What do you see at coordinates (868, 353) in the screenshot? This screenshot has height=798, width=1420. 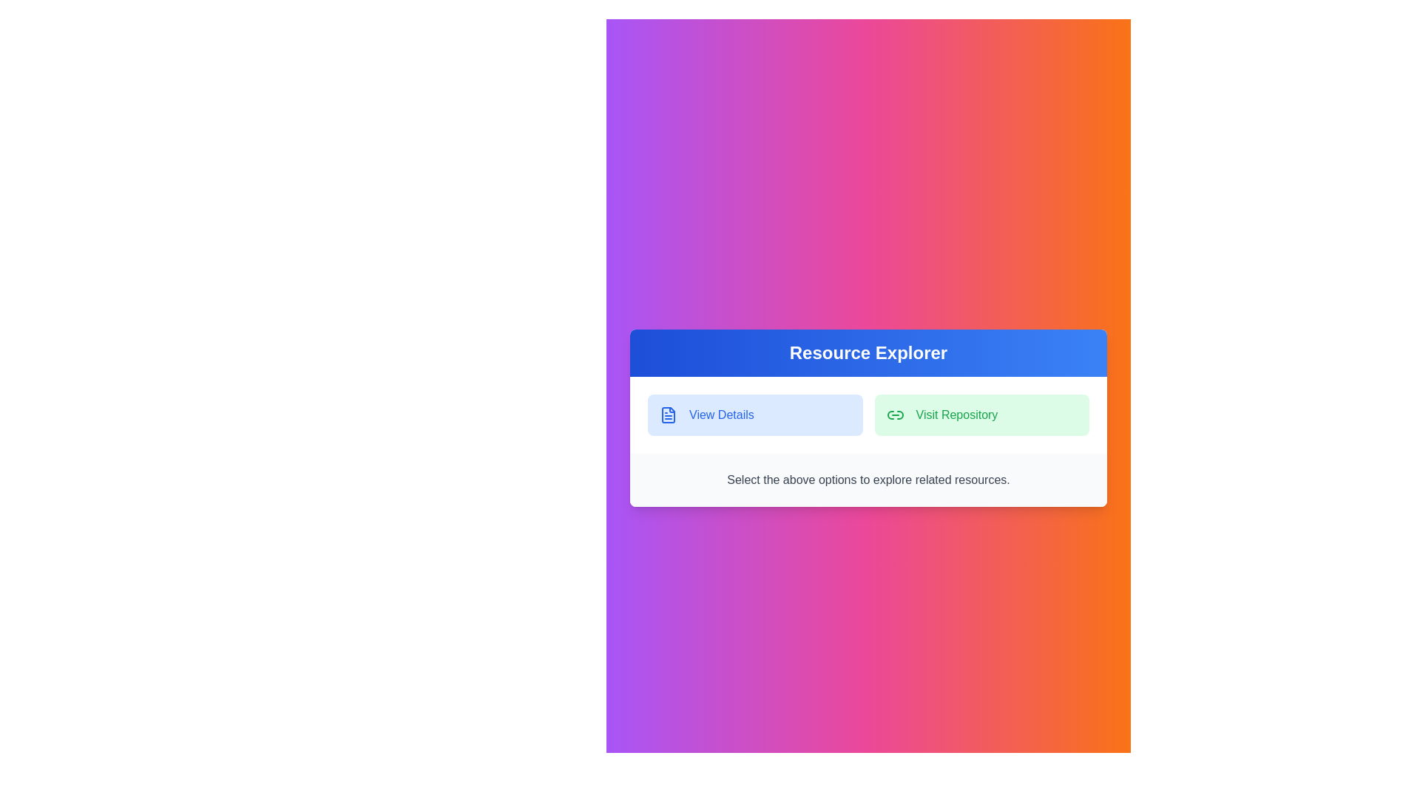 I see `the static header titled 'Resource Explorer', which is prominently displayed in white against a blue gradient background and styled in bold font` at bounding box center [868, 353].